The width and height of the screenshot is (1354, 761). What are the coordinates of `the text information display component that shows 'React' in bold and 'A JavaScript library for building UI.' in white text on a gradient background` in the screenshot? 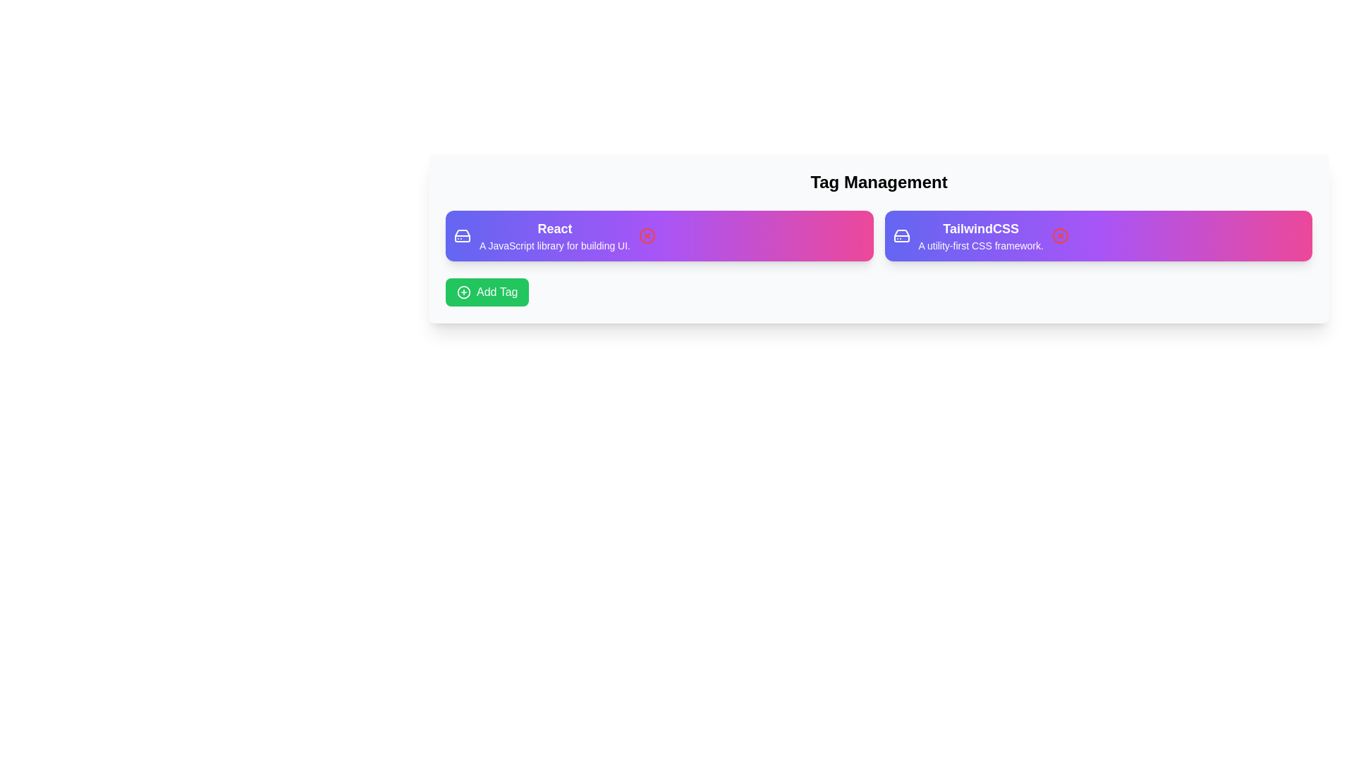 It's located at (554, 235).